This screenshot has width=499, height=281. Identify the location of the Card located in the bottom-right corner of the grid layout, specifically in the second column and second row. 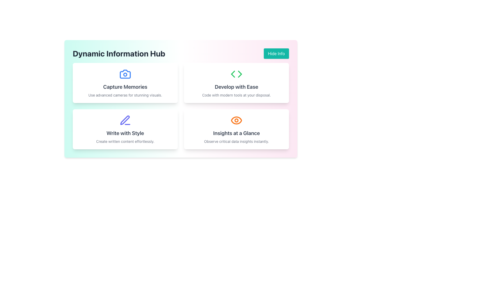
(236, 129).